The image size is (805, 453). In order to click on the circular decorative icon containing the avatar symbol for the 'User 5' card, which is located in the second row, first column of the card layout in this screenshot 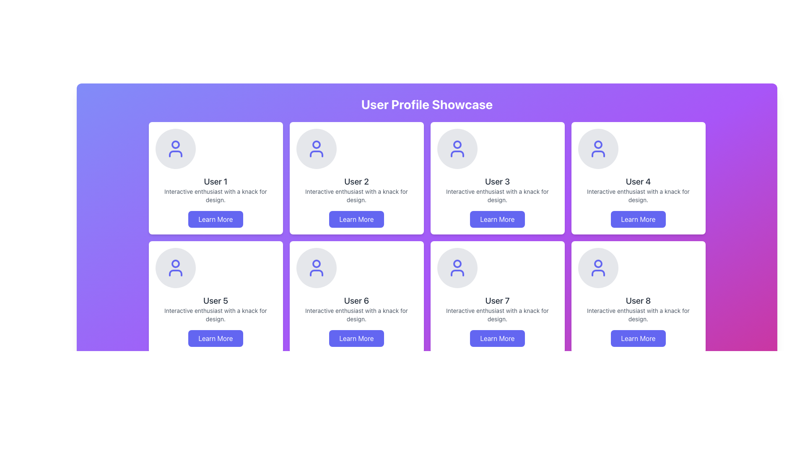, I will do `click(175, 268)`.